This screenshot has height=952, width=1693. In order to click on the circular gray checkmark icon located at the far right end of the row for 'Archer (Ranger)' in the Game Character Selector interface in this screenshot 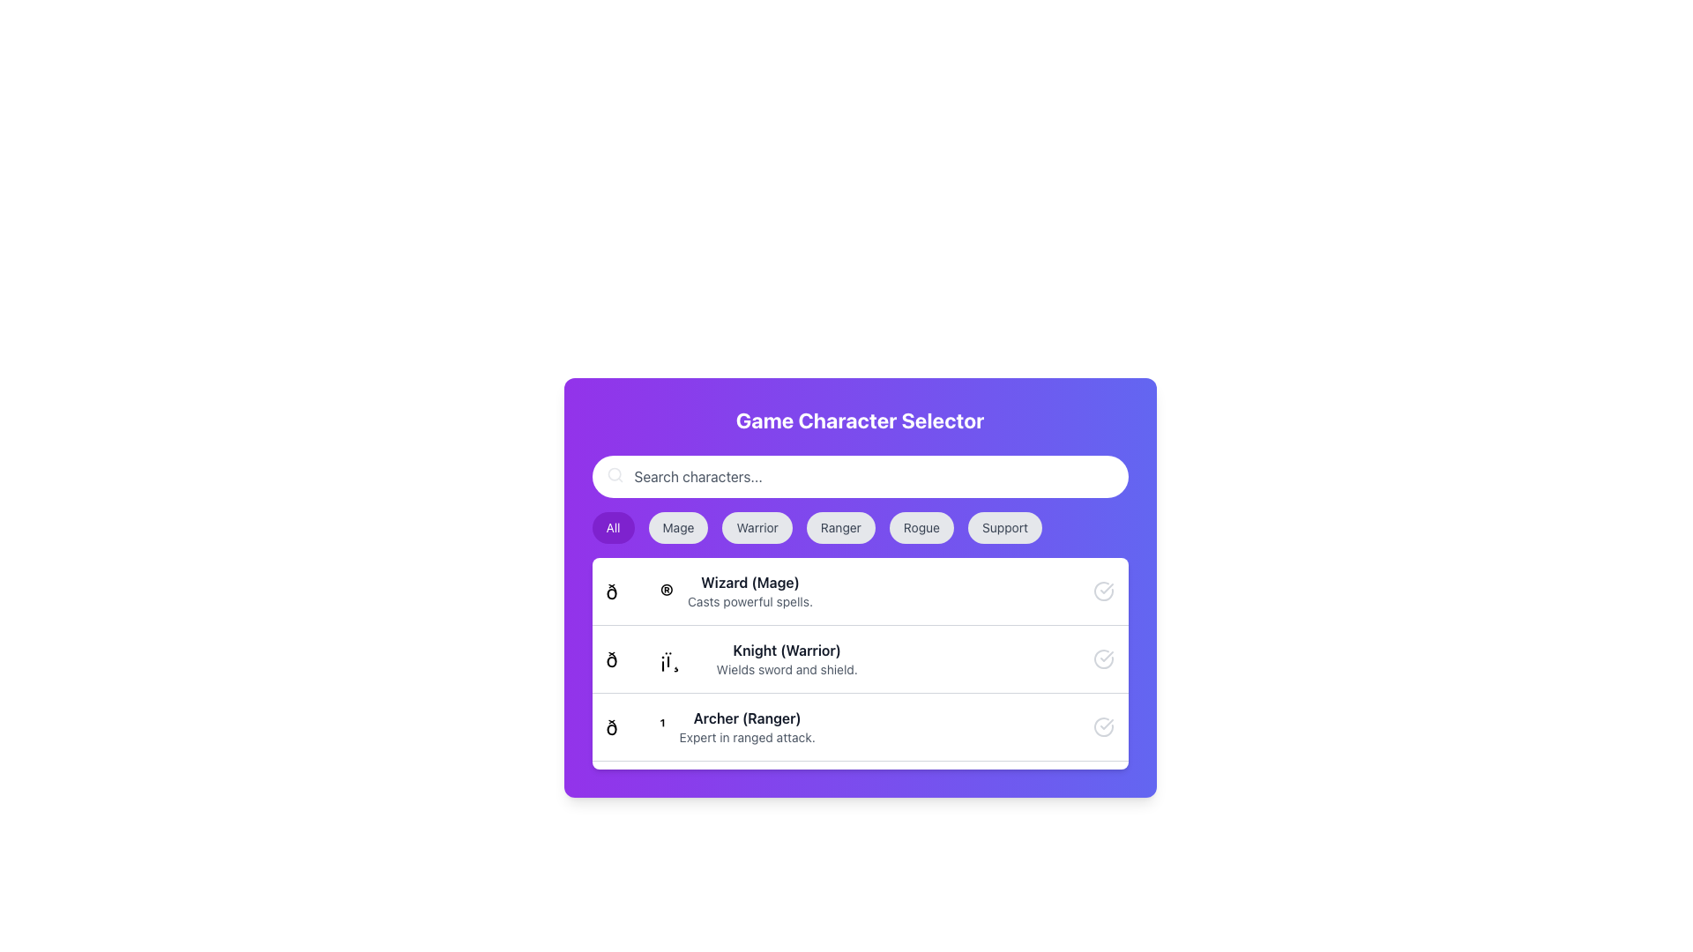, I will do `click(1102, 727)`.